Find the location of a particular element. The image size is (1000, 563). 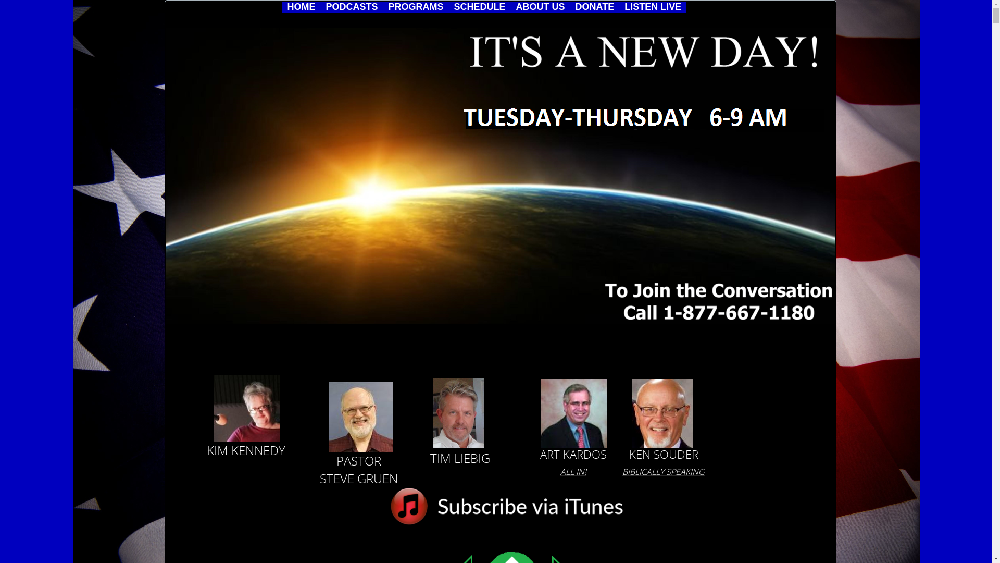

'PODCASTS' is located at coordinates (352, 6).